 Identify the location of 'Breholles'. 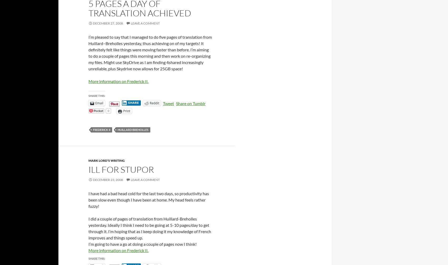
(105, 43).